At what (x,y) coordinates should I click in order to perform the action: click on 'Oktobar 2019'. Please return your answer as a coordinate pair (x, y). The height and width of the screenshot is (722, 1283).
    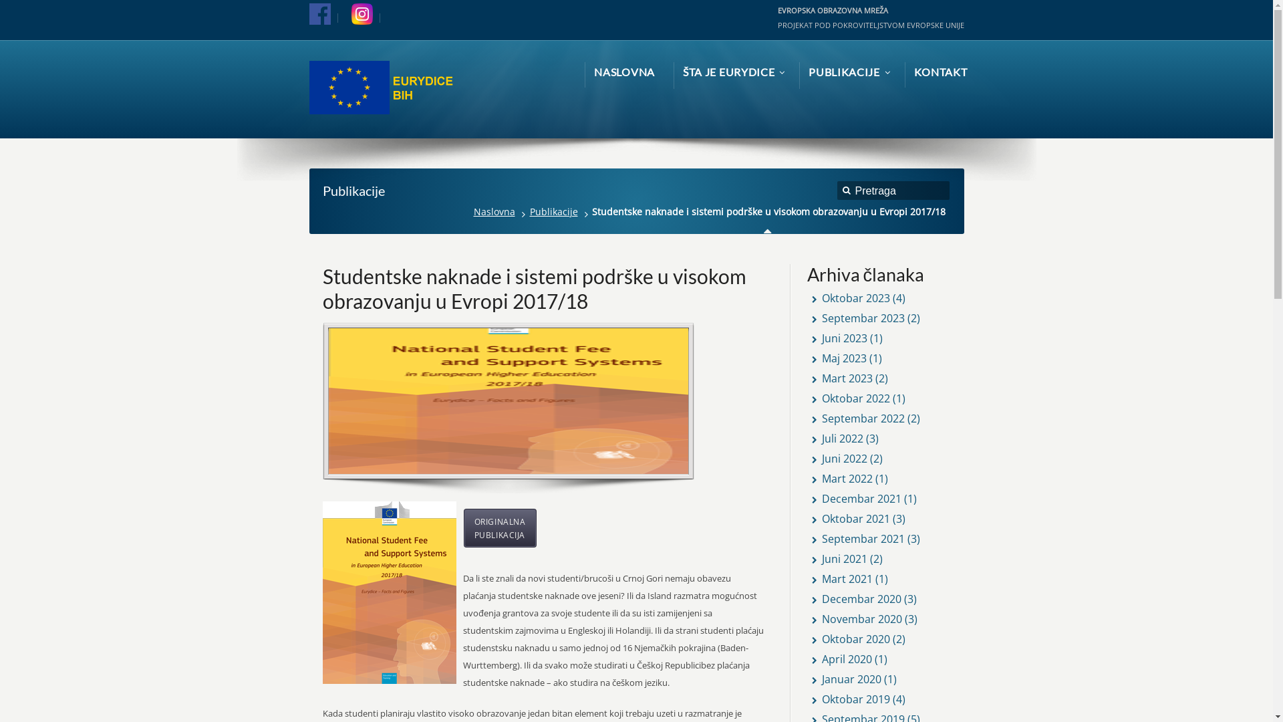
    Looking at the image, I should click on (856, 698).